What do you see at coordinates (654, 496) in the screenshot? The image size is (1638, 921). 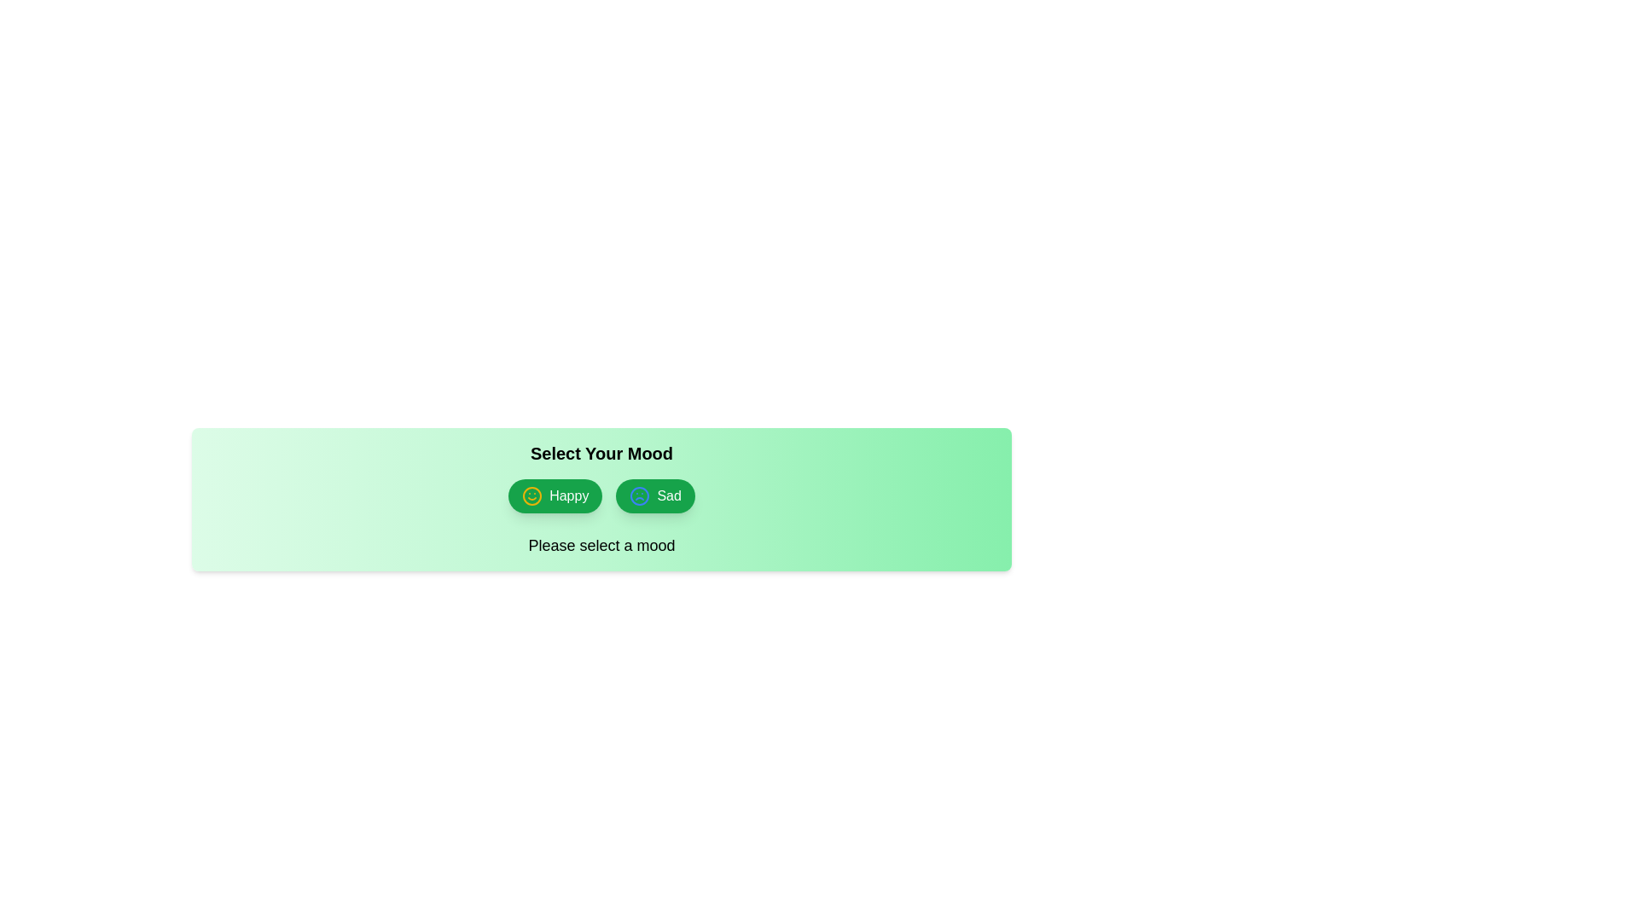 I see `the mood button corresponding to Sad` at bounding box center [654, 496].